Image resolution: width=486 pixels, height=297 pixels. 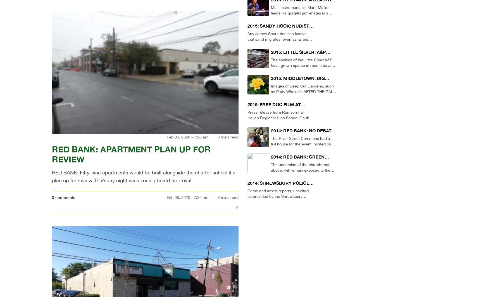 What do you see at coordinates (271, 55) in the screenshot?
I see `'2015: LITTLE SILVER: A&P PETERS OUT'` at bounding box center [271, 55].